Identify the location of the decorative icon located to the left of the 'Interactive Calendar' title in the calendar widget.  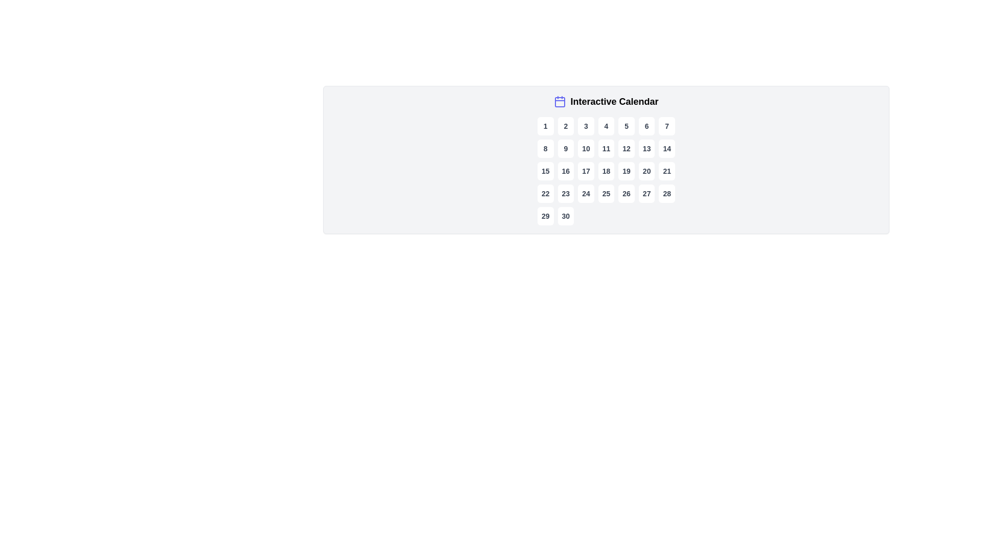
(560, 102).